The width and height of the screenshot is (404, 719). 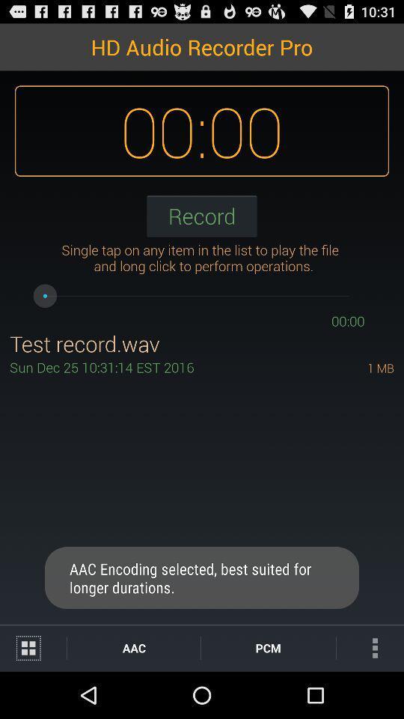 What do you see at coordinates (134, 647) in the screenshot?
I see `aac` at bounding box center [134, 647].